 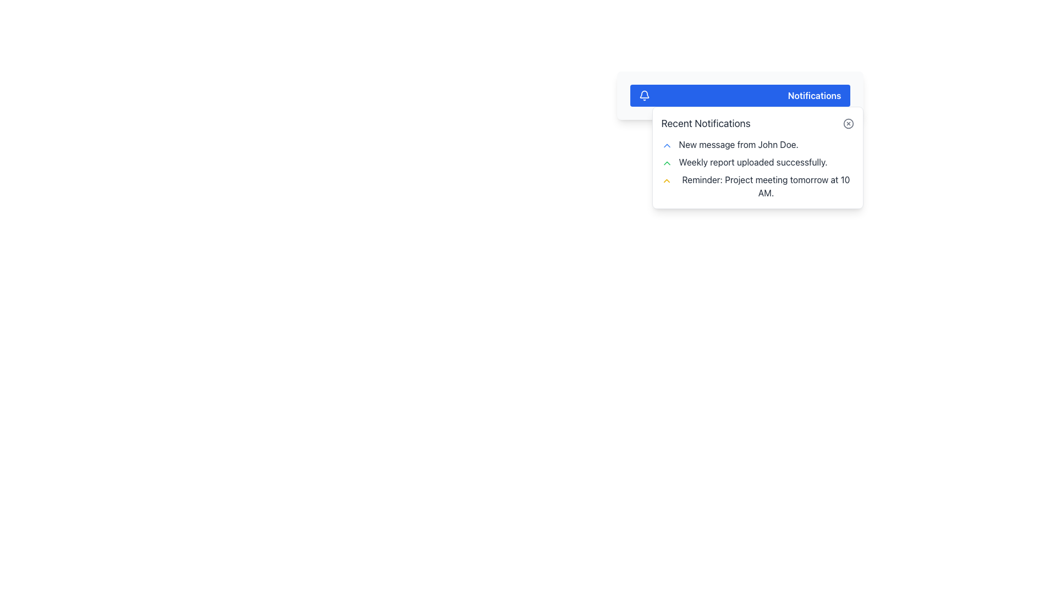 What do you see at coordinates (644, 95) in the screenshot?
I see `the notification icon located at the top-left corner of the notification dropdown` at bounding box center [644, 95].